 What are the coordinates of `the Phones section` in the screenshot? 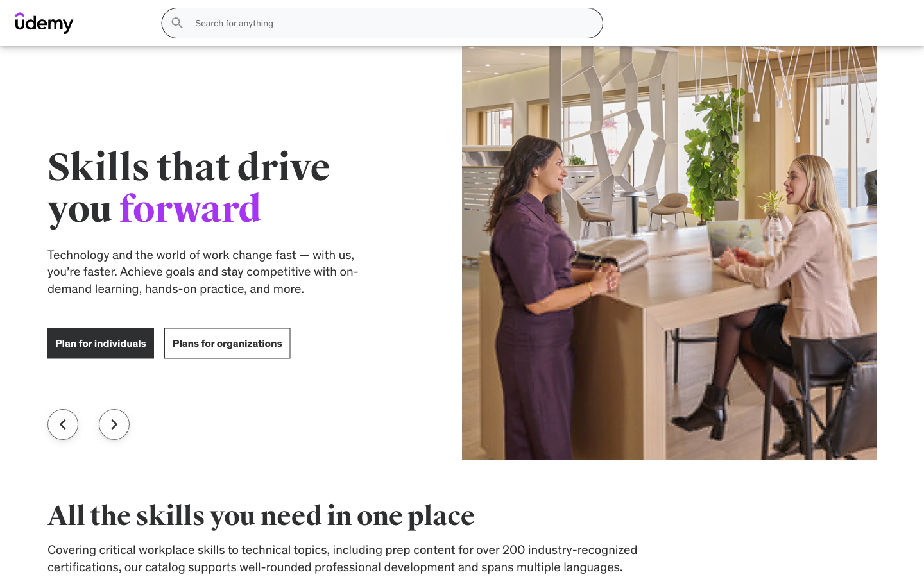 It's located at (493, 58).